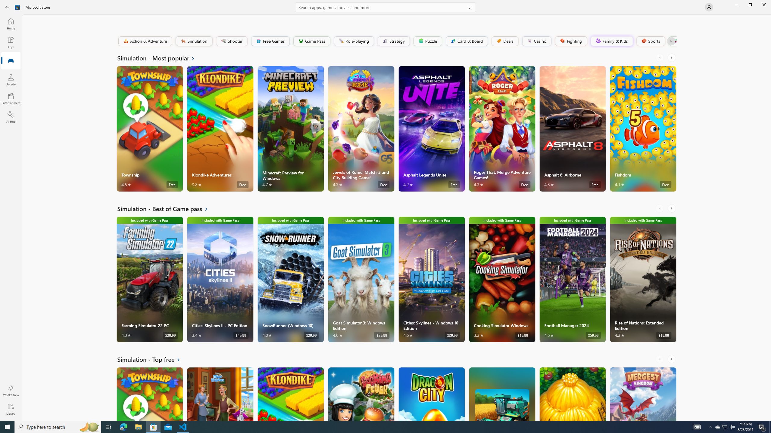 This screenshot has height=433, width=771. Describe the element at coordinates (643, 129) in the screenshot. I see `'Fishdom. Average rating of 4.1 out of five stars. Free  '` at that location.